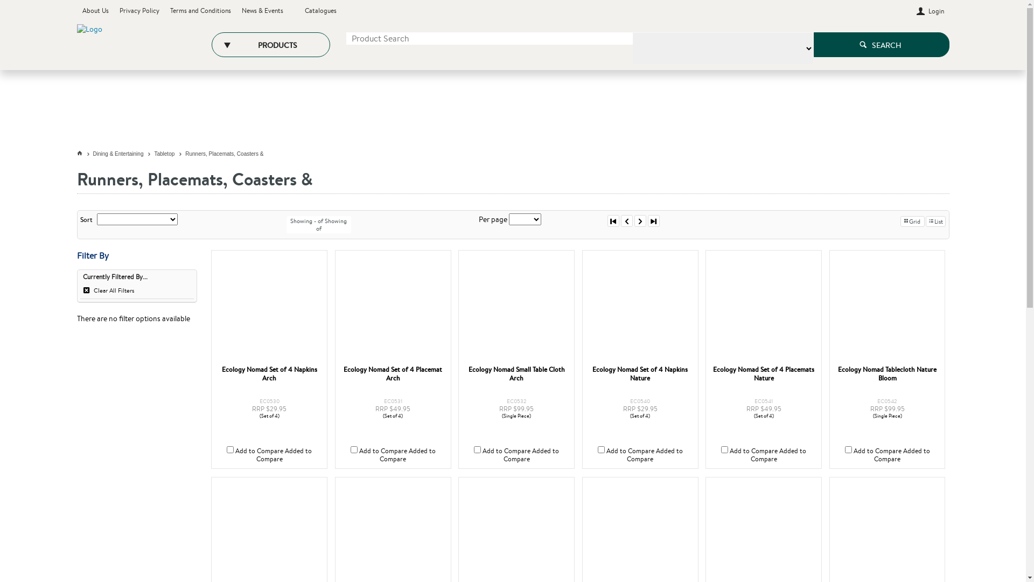 The width and height of the screenshot is (1034, 582). Describe the element at coordinates (778, 455) in the screenshot. I see `'Added to Compare'` at that location.